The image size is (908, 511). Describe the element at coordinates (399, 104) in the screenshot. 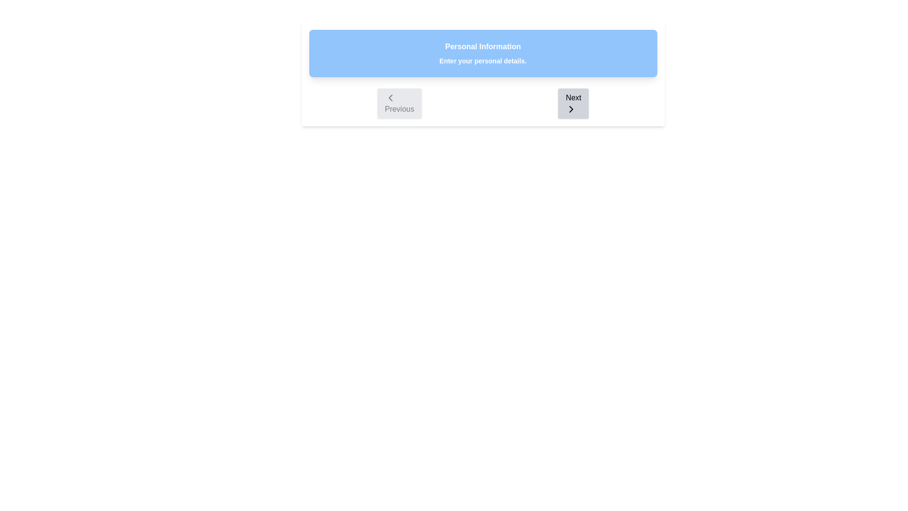

I see `the 'Previous' button, which is a rectangular button with rounded corners, gray background, and a left-pointing arrow icon` at that location.